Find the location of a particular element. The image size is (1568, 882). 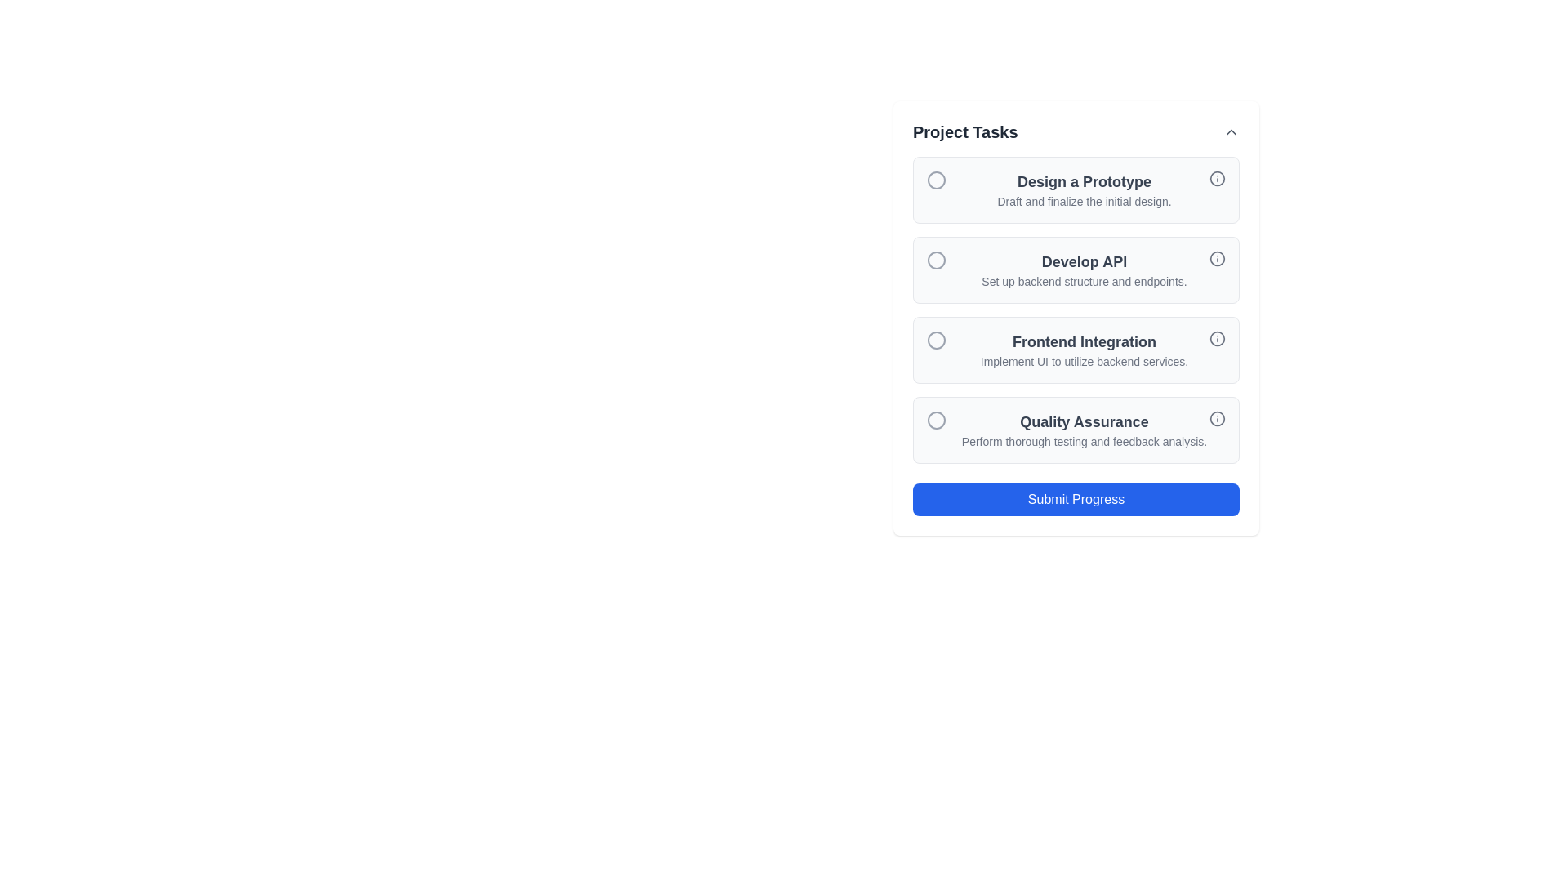

the circular informational icon with a gray 'i' character inside it, located on the right side of the 'Quality Assurance' section is located at coordinates (1218, 418).